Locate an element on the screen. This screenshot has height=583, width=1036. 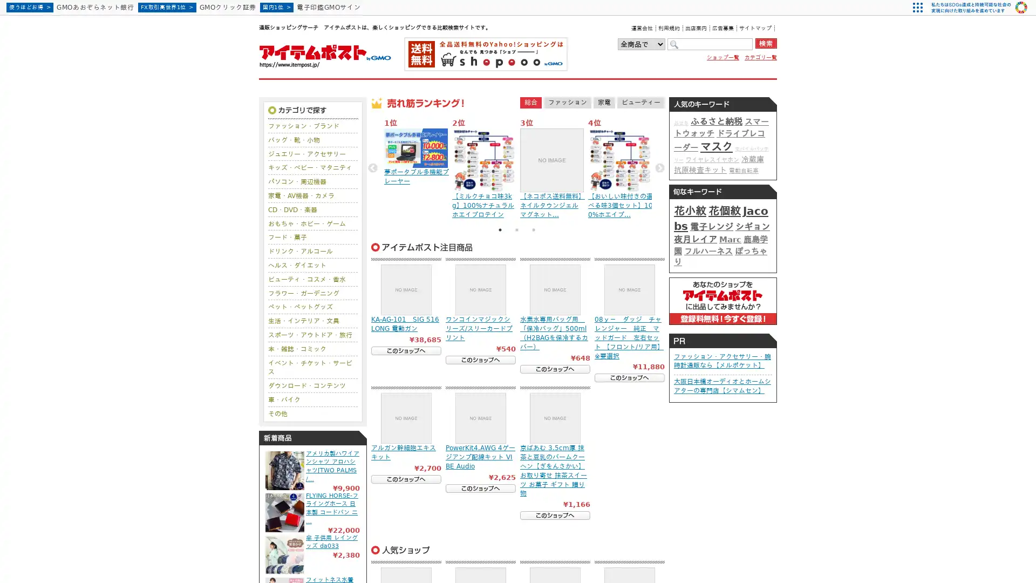
2 is located at coordinates (515, 229).